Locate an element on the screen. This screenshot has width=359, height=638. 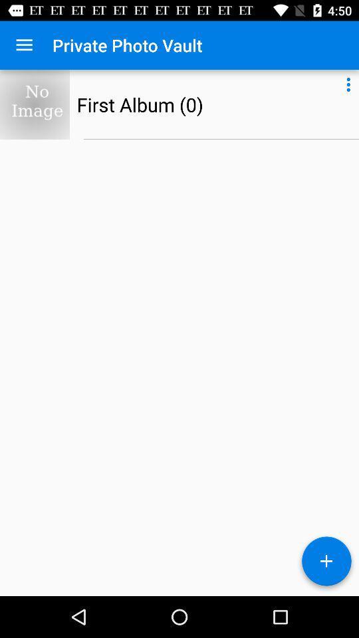
icon at the top right corner is located at coordinates (348, 82).